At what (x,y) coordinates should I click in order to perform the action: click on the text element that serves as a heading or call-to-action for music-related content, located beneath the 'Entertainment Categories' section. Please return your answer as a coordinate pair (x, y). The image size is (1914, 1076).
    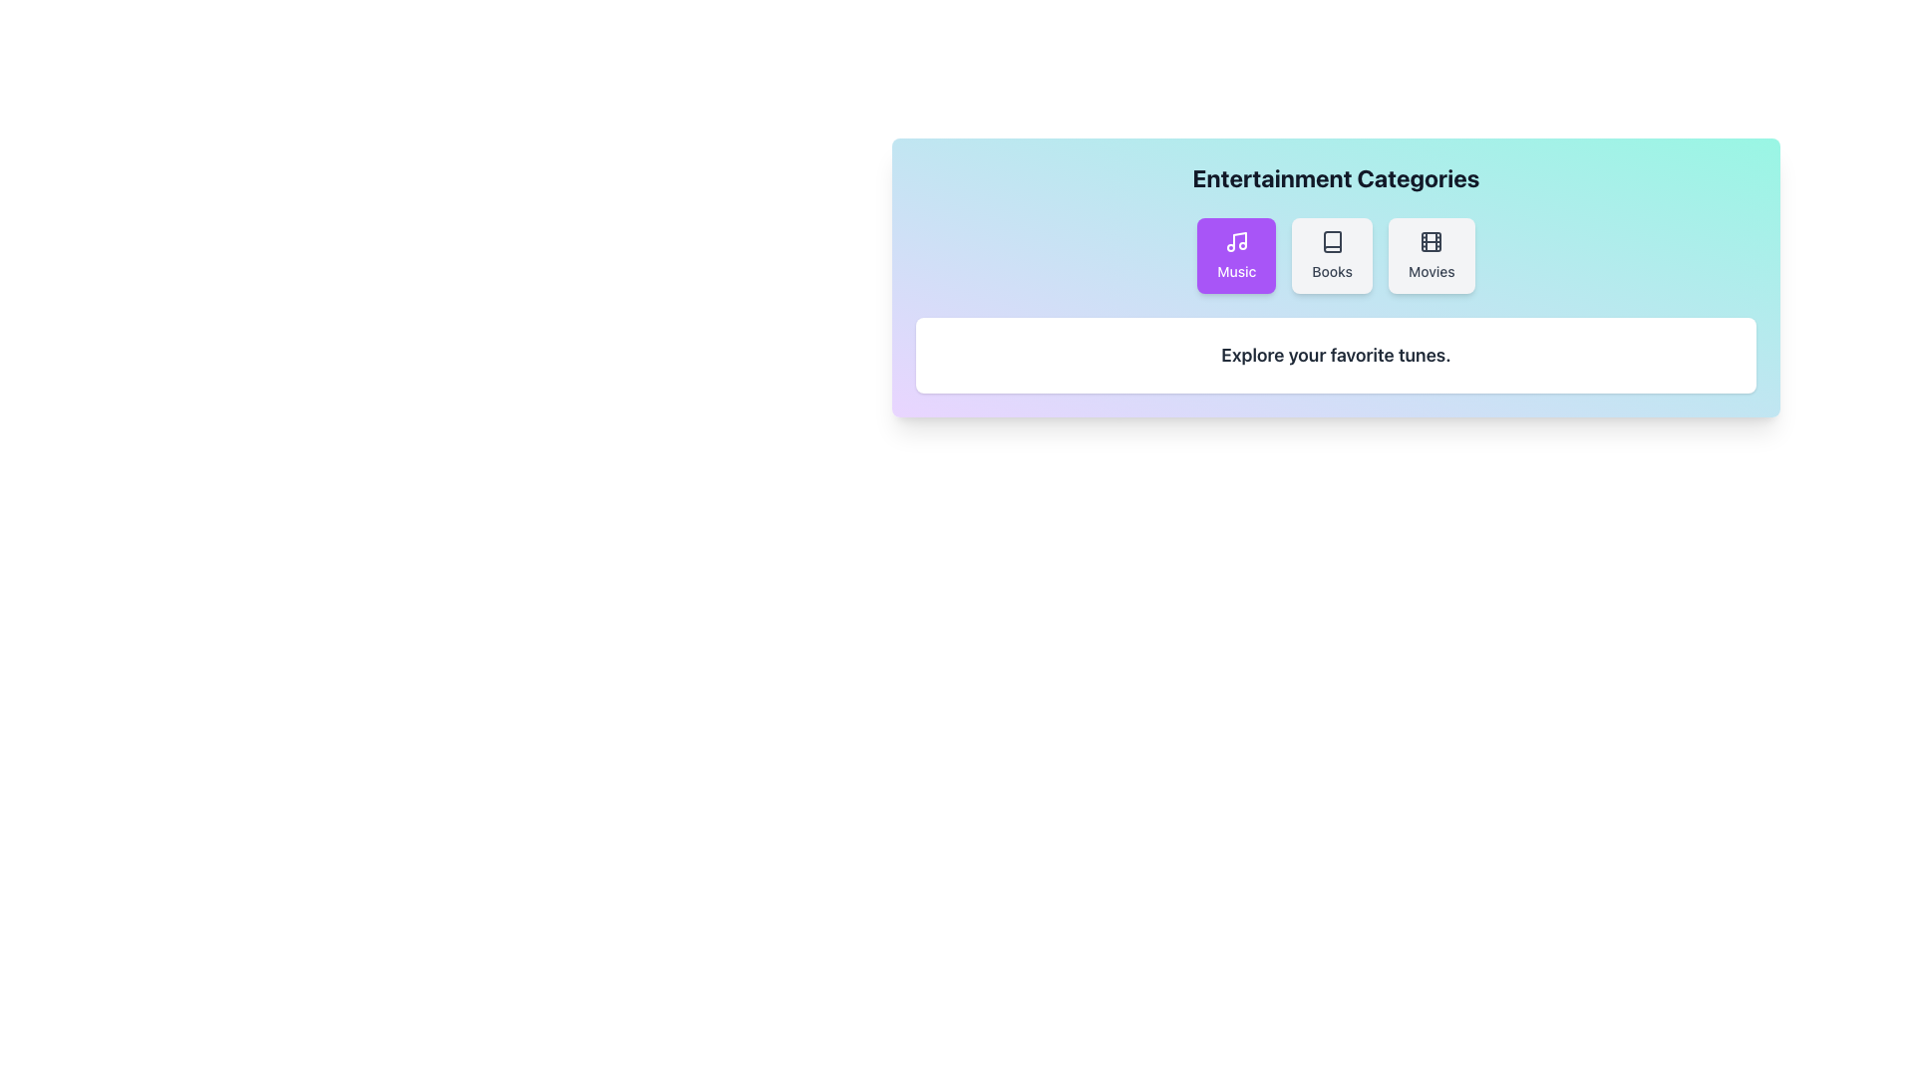
    Looking at the image, I should click on (1336, 355).